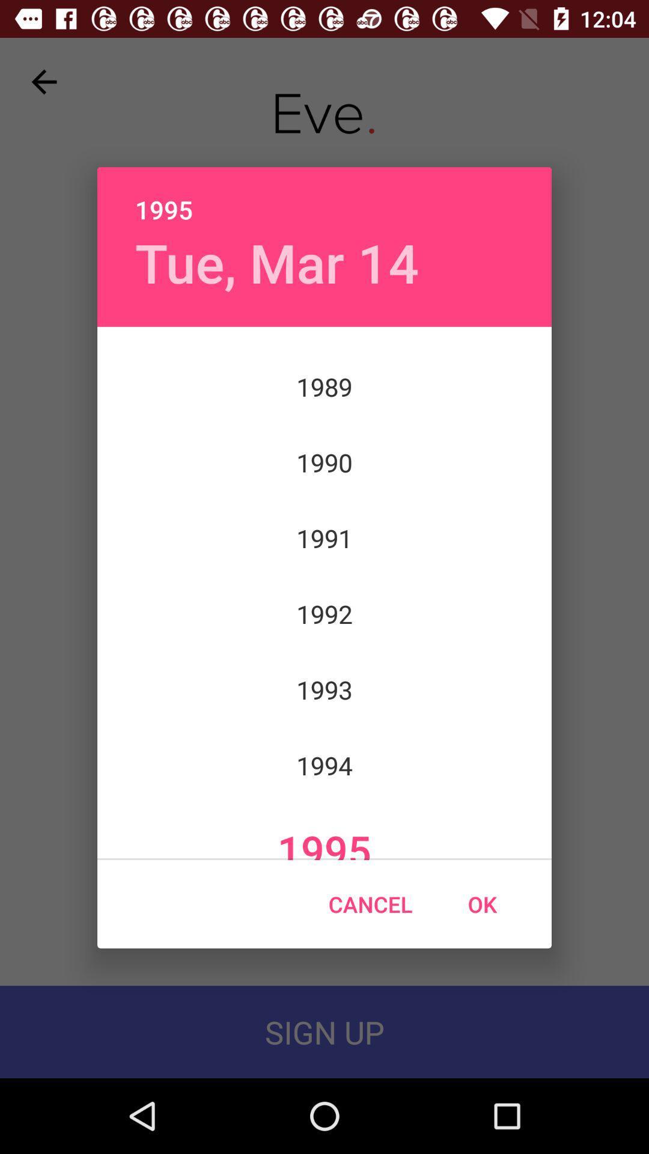 This screenshot has width=649, height=1154. What do you see at coordinates (370, 904) in the screenshot?
I see `the icon next to the ok item` at bounding box center [370, 904].